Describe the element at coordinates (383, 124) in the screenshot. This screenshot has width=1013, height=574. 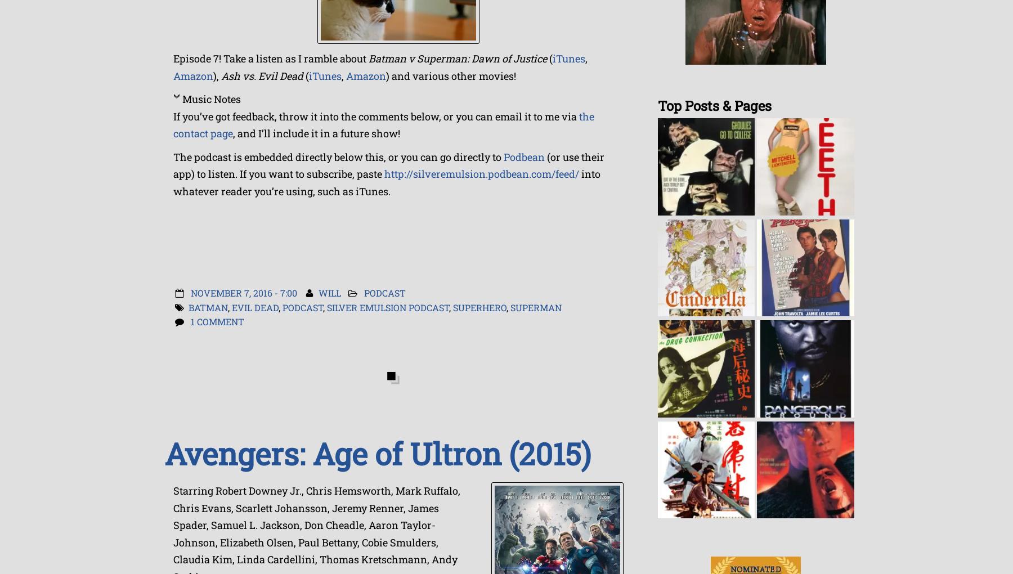
I see `'the contact page'` at that location.